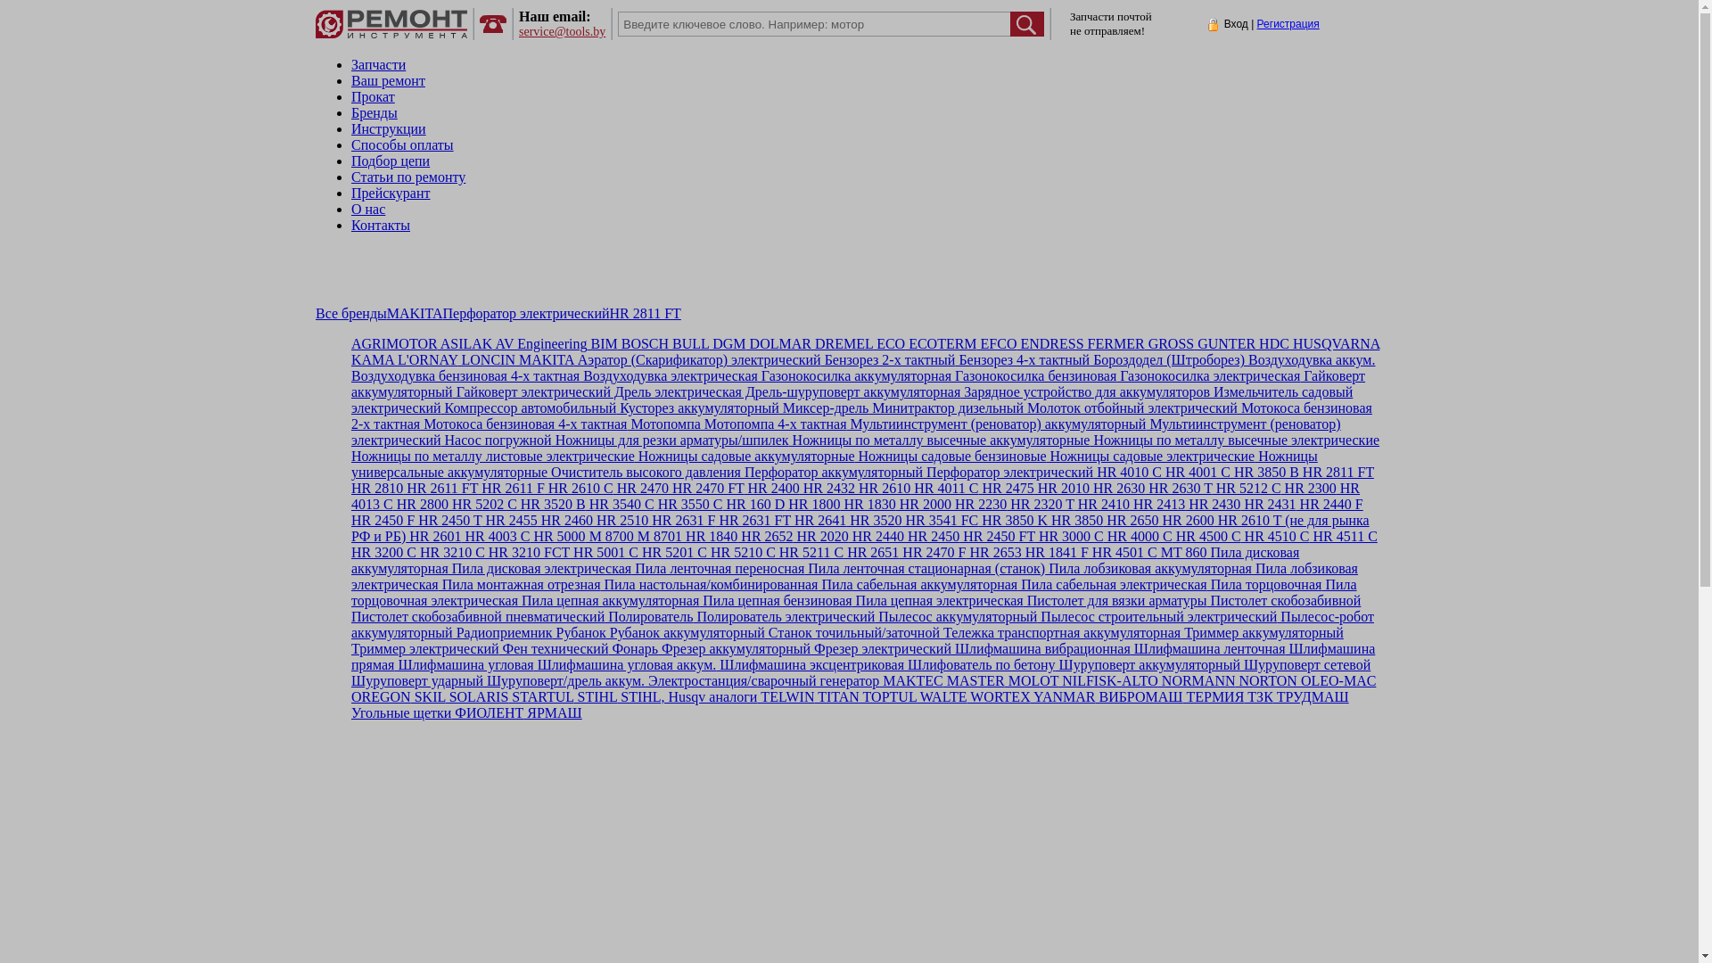 The height and width of the screenshot is (963, 1712). What do you see at coordinates (1271, 343) in the screenshot?
I see `'HDC'` at bounding box center [1271, 343].